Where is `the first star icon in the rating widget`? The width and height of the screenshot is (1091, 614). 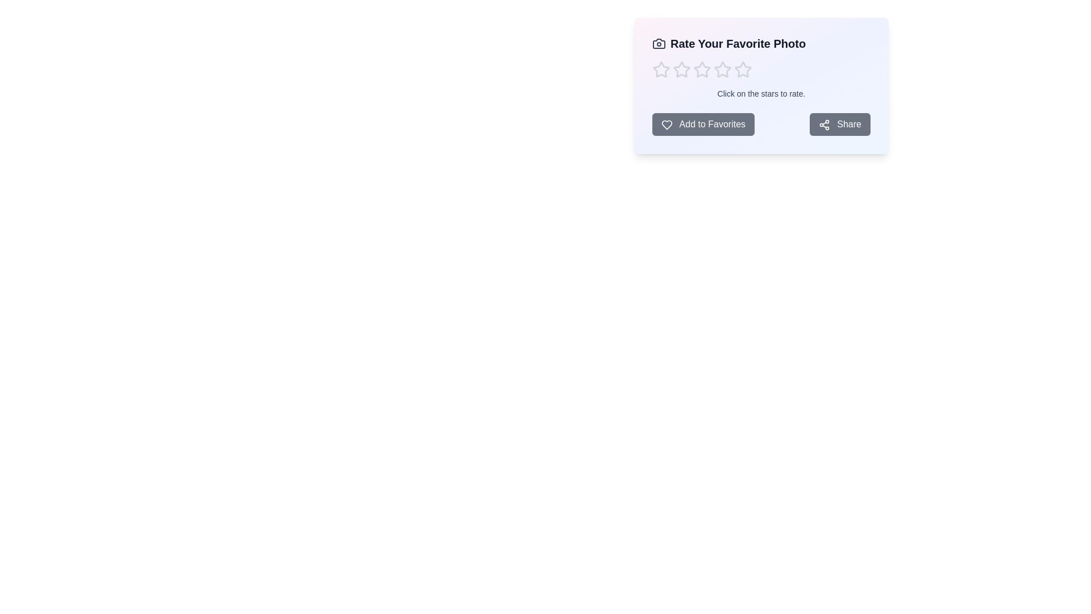 the first star icon in the rating widget is located at coordinates (661, 69).